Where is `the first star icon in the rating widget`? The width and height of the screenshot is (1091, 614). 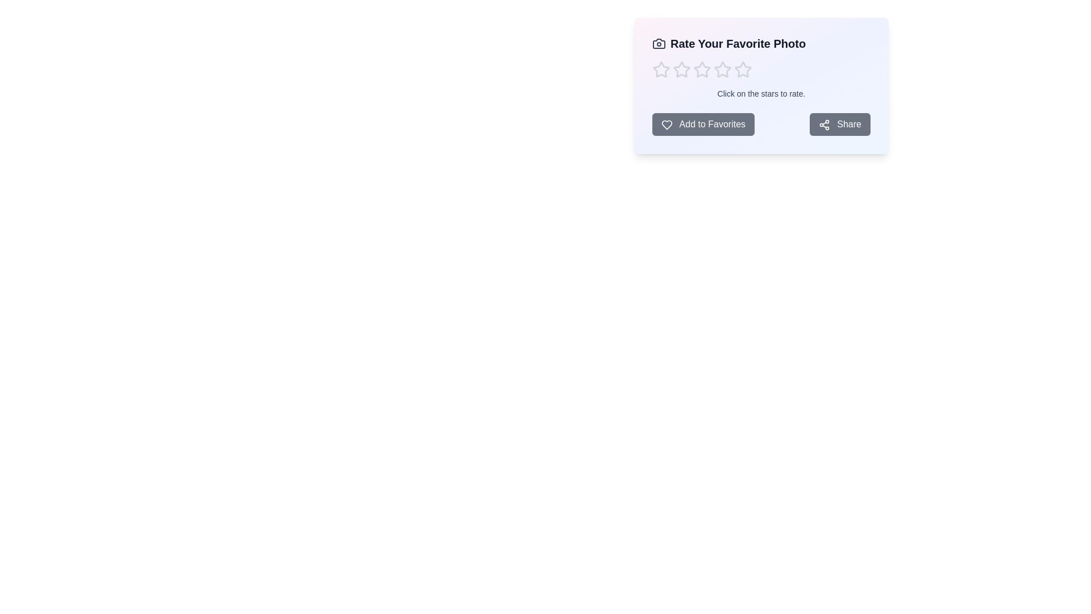 the first star icon in the rating widget is located at coordinates (661, 69).